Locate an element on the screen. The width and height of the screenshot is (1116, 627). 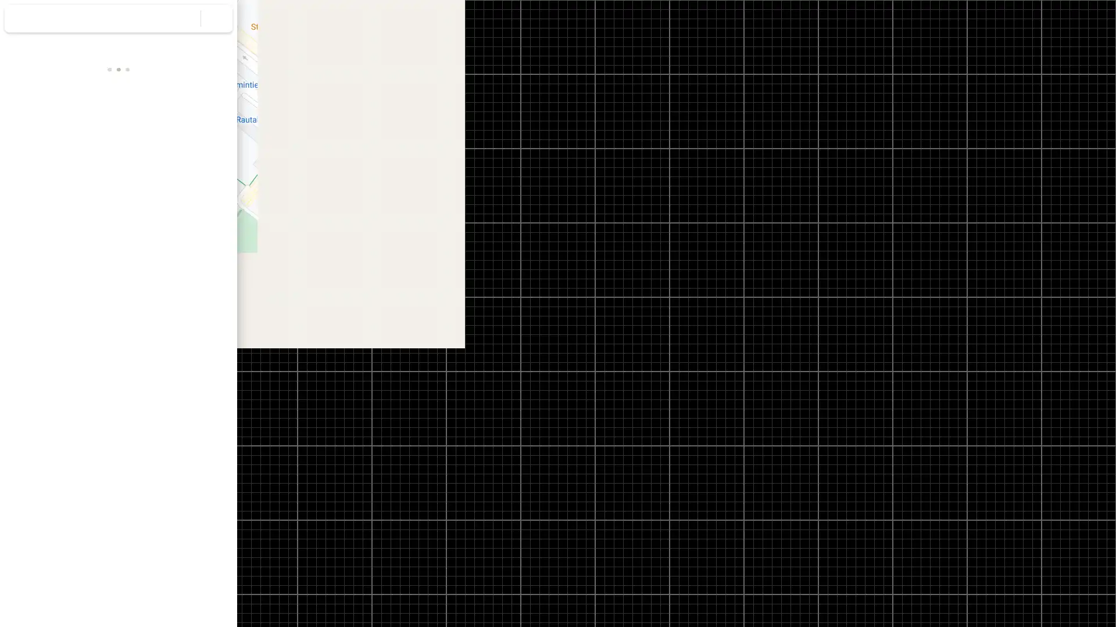
Menu is located at coordinates (20, 20).